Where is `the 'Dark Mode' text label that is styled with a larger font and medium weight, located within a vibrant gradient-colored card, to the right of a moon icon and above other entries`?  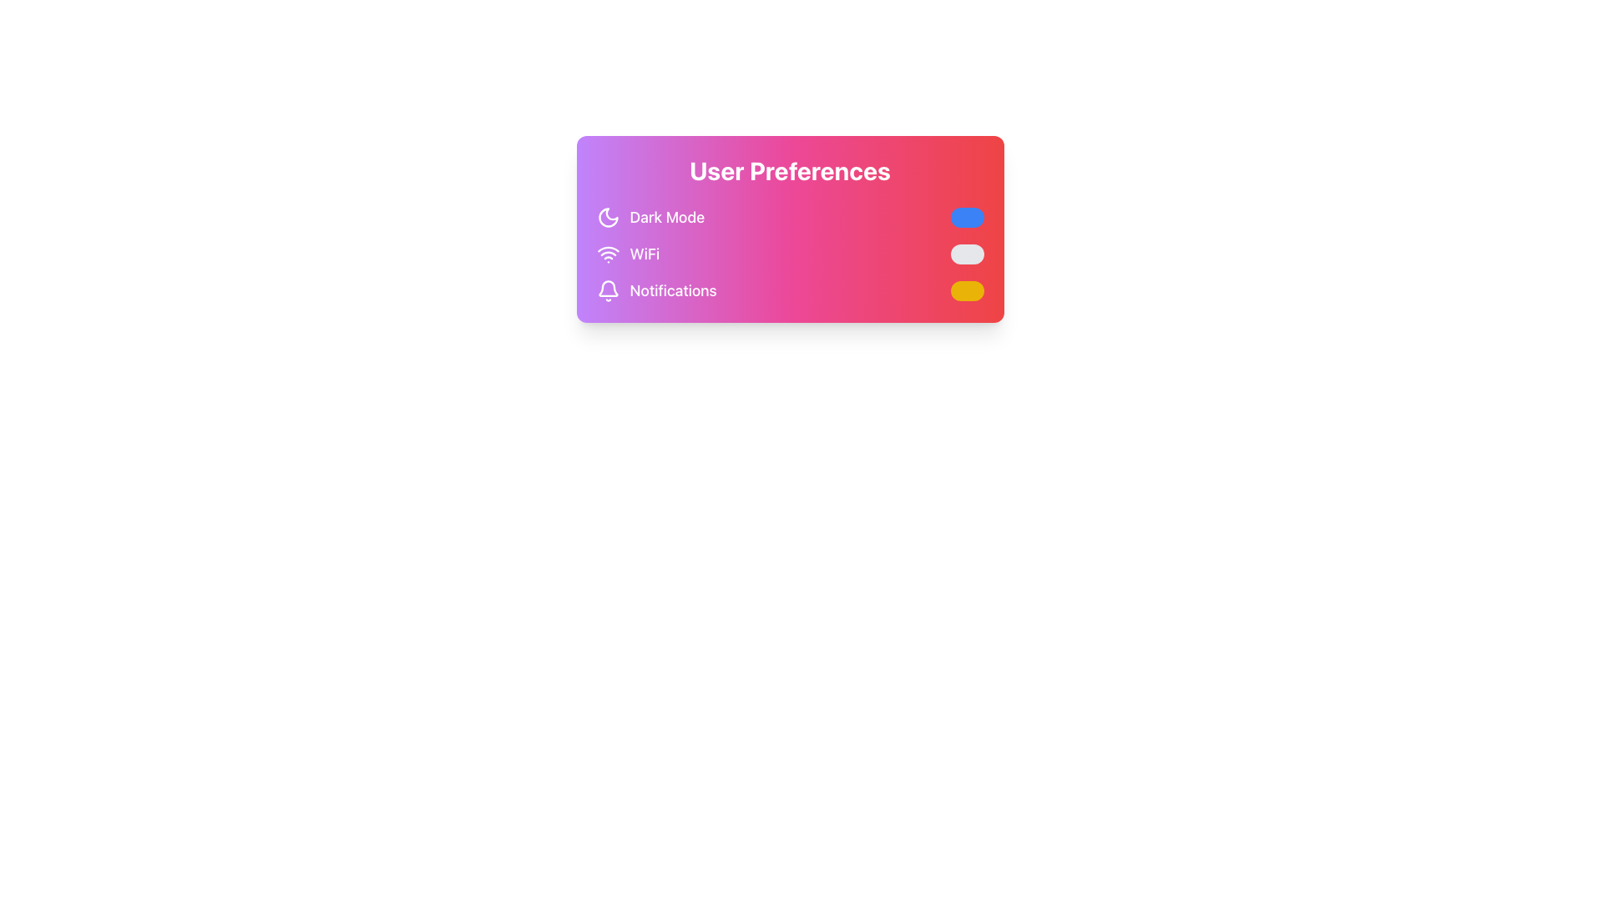 the 'Dark Mode' text label that is styled with a larger font and medium weight, located within a vibrant gradient-colored card, to the right of a moon icon and above other entries is located at coordinates (666, 217).